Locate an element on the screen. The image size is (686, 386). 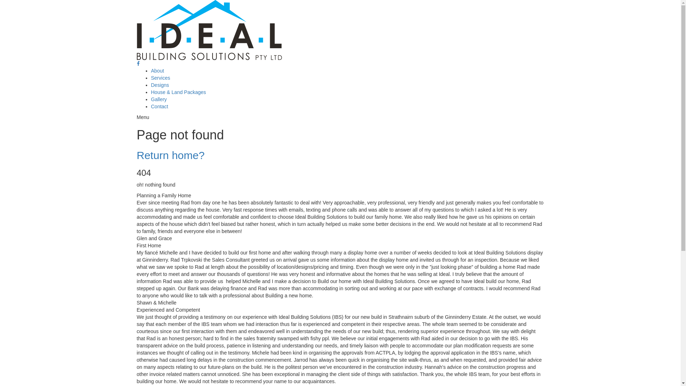
'Contact' is located at coordinates (159, 106).